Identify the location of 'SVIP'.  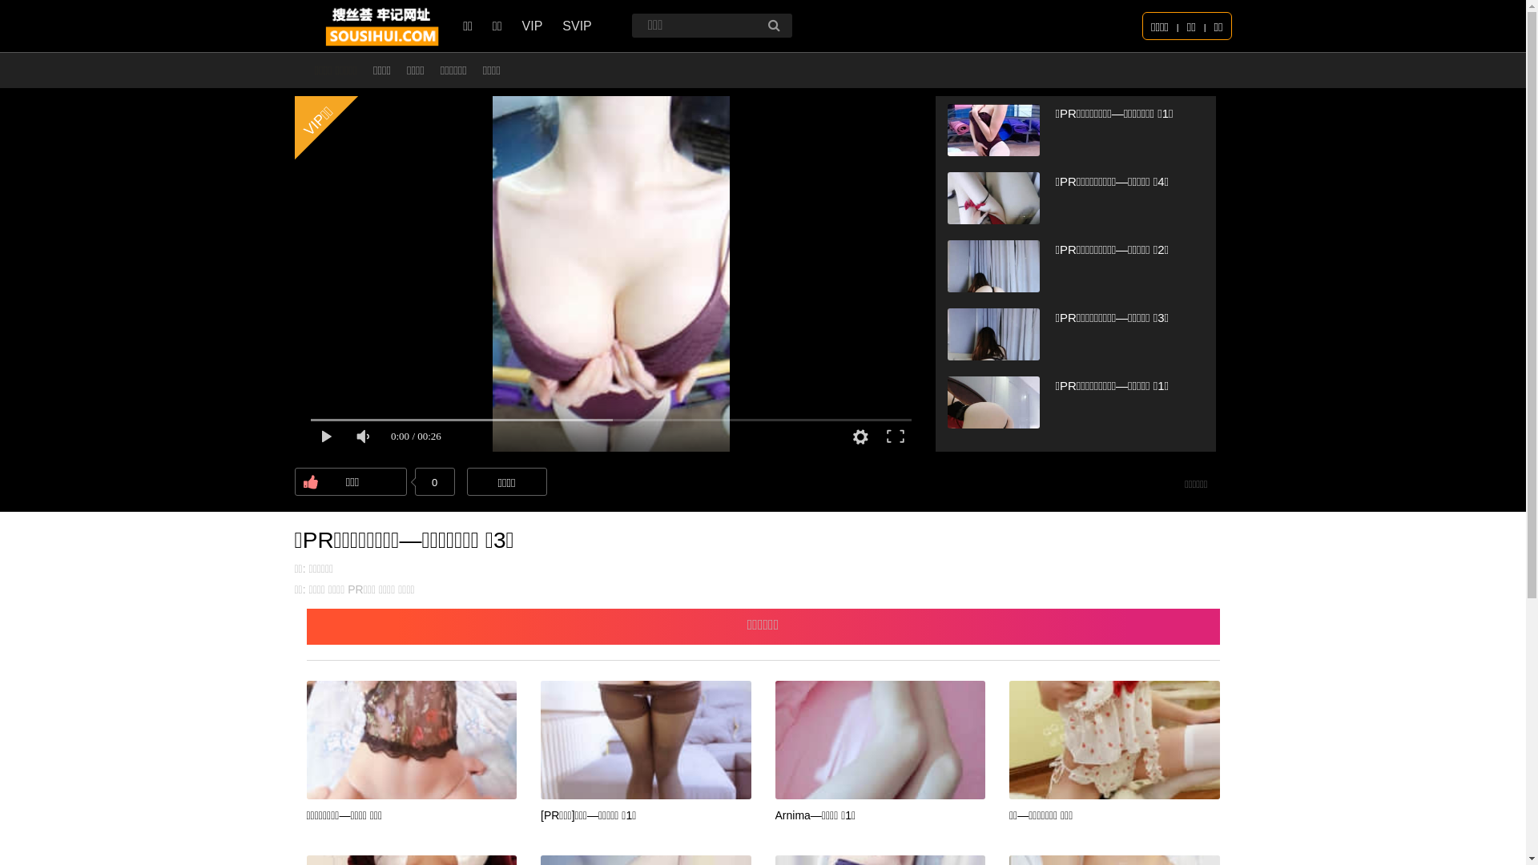
(562, 26).